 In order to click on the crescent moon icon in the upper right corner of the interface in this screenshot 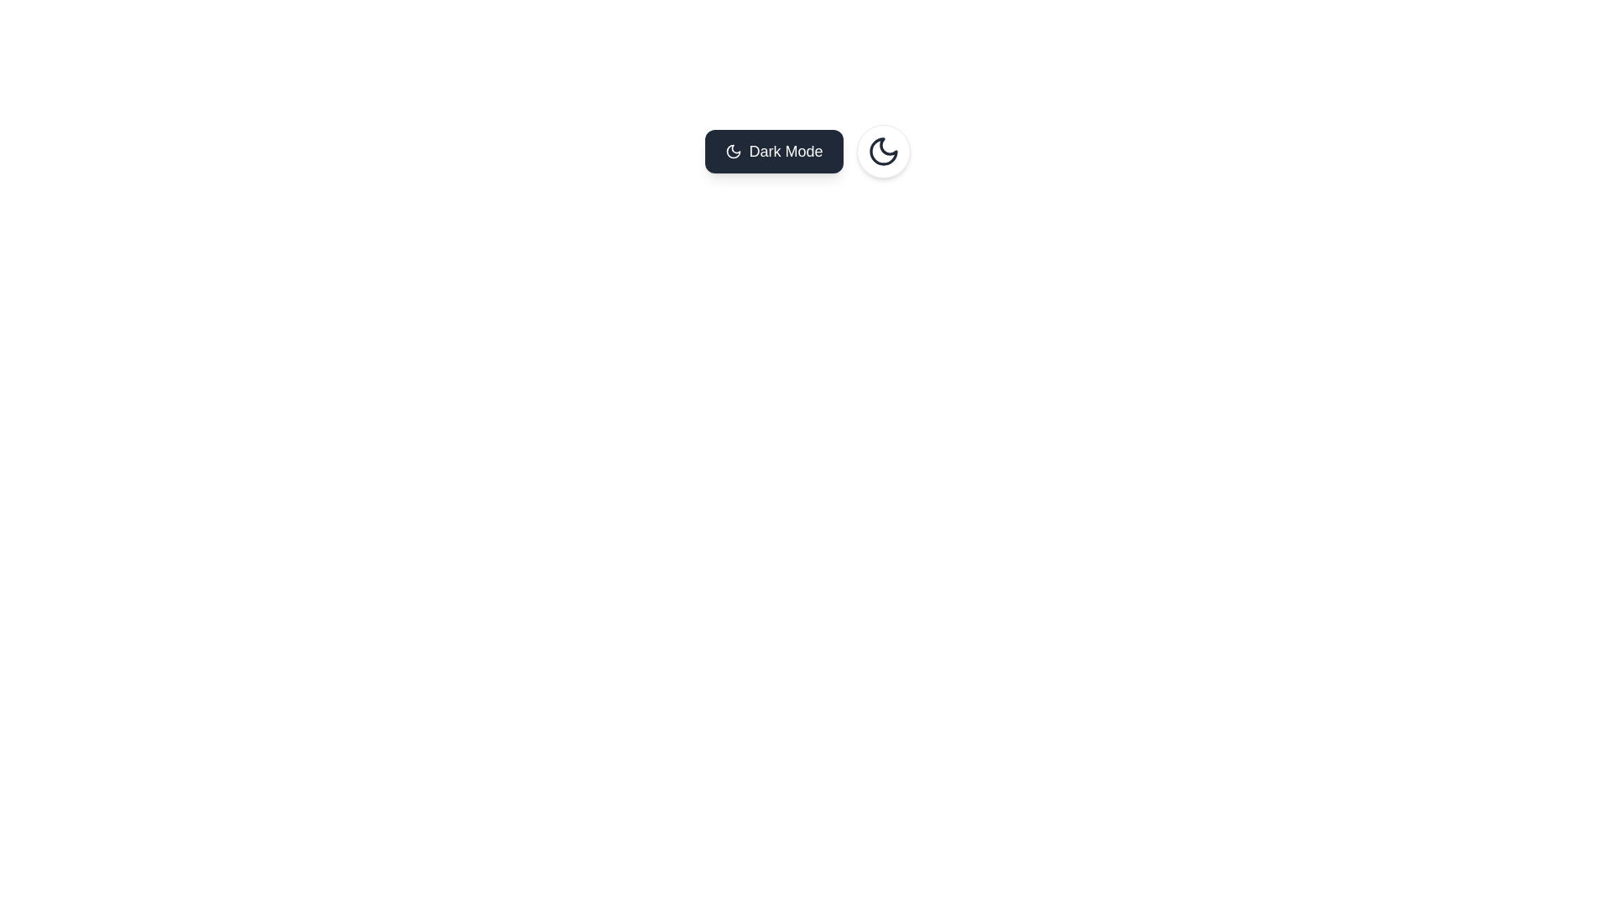, I will do `click(882, 152)`.